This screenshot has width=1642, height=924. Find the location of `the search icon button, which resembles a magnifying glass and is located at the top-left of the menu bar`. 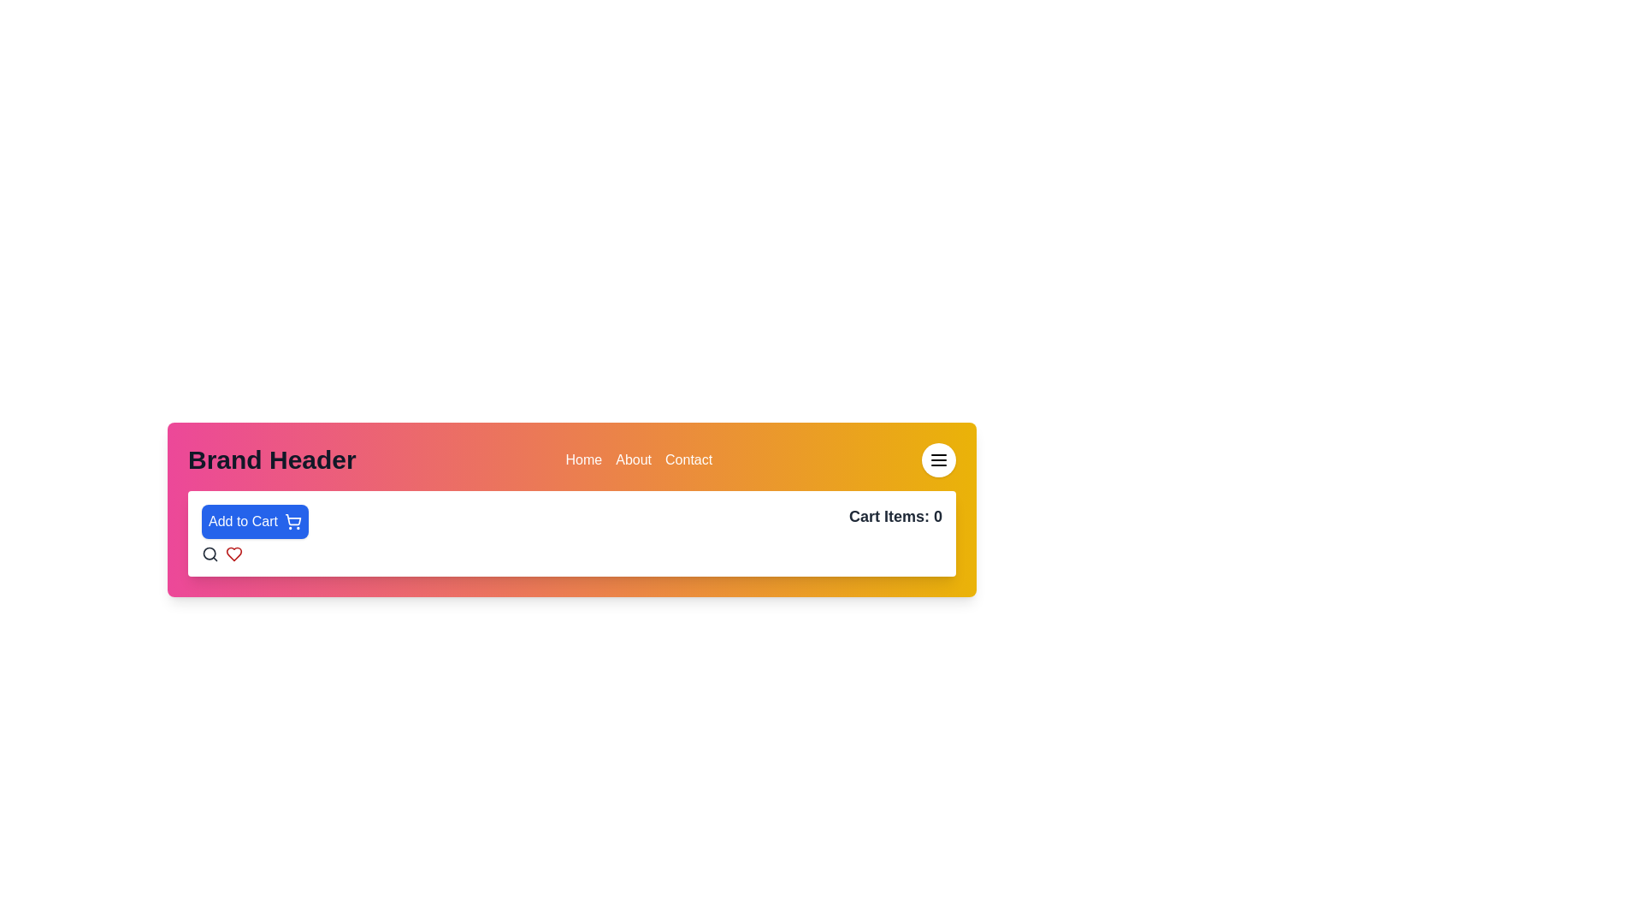

the search icon button, which resembles a magnifying glass and is located at the top-left of the menu bar is located at coordinates (209, 554).